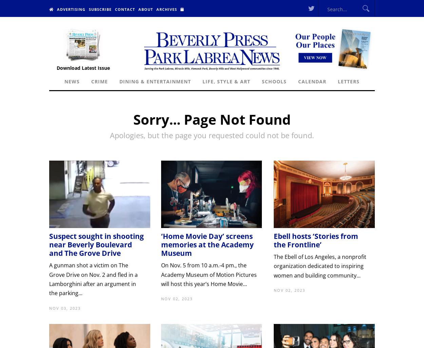  Describe the element at coordinates (207, 244) in the screenshot. I see `'‘Home Movie Day’ screens memories at the Academy Museum'` at that location.